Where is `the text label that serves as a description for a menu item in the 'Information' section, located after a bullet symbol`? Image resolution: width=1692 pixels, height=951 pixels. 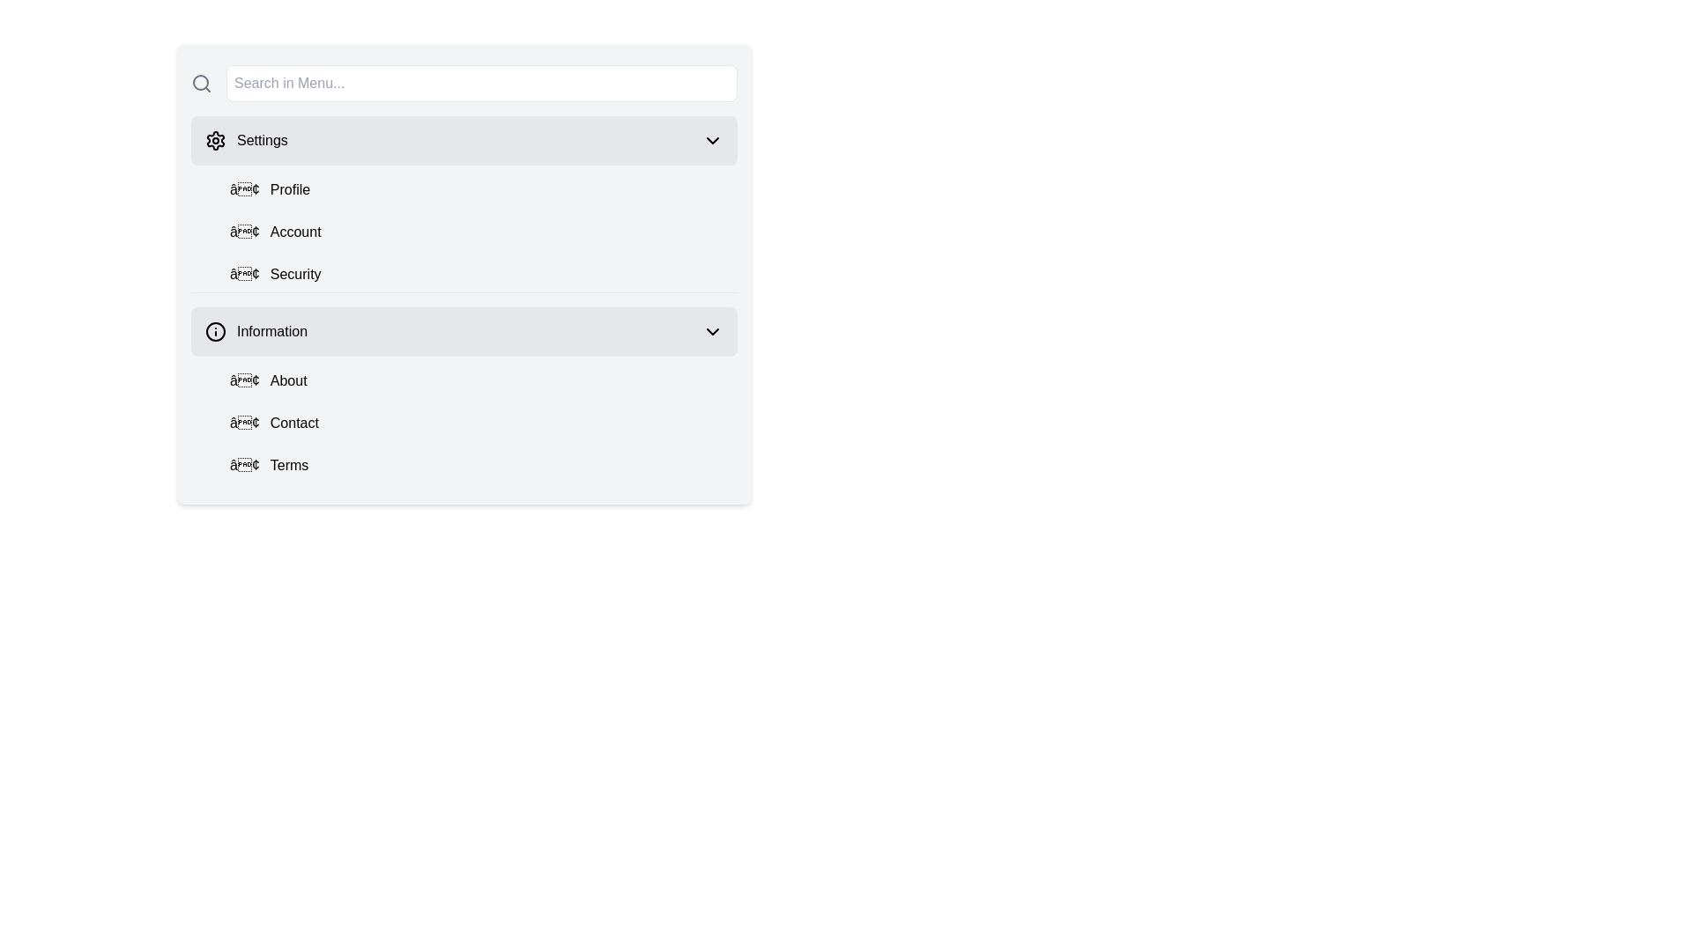
the text label that serves as a description for a menu item in the 'Information' section, located after a bullet symbol is located at coordinates (289, 464).